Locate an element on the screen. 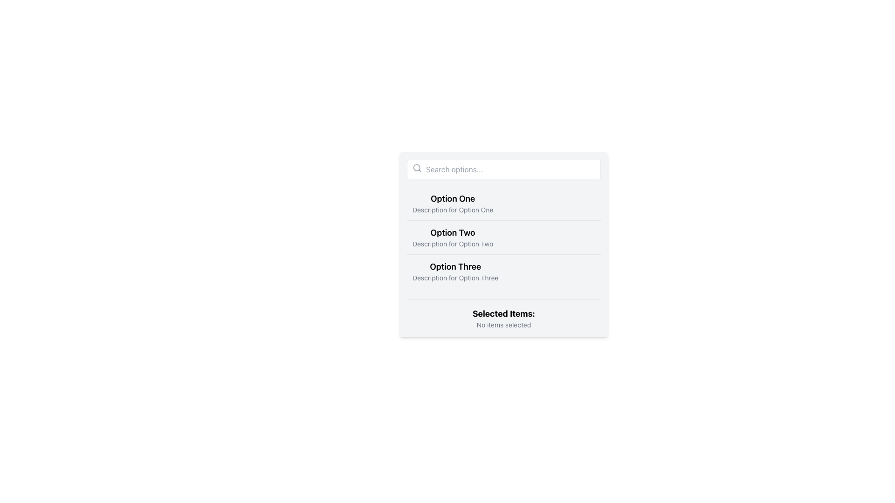 The width and height of the screenshot is (895, 503). the text label that serves as a title for the selectable list item is located at coordinates (453, 232).